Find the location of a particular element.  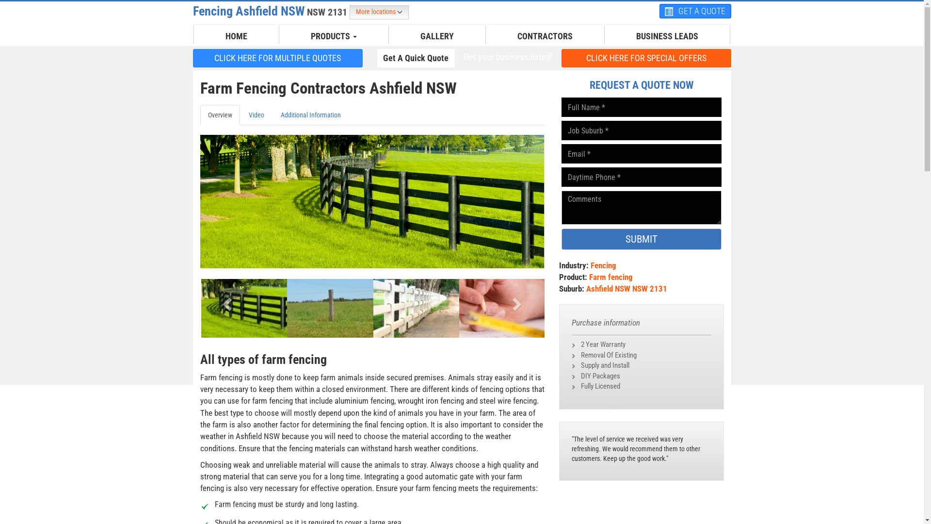

'CLICK HERE FOR MULTIPLE QUOTES' is located at coordinates (277, 58).